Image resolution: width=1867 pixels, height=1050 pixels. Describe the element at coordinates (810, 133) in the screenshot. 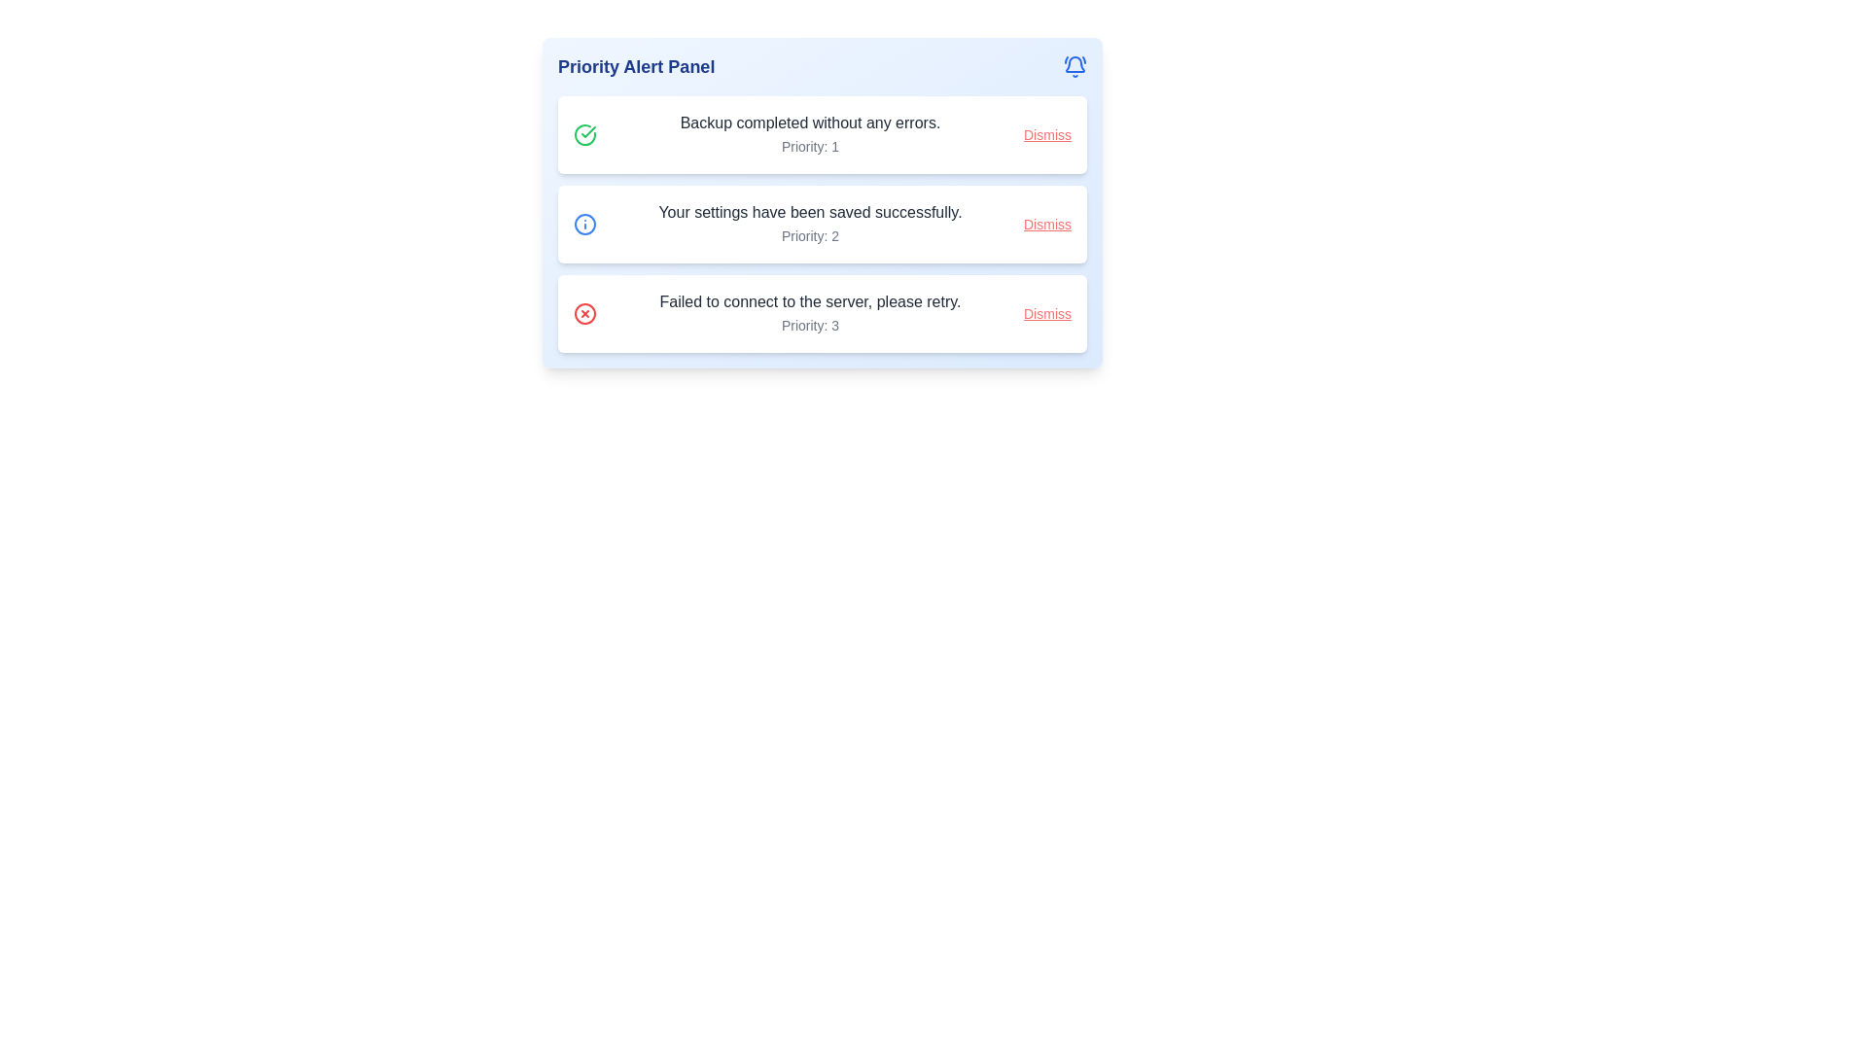

I see `the text block displaying 'Backup completed without any errors.' and 'Priority: 1'` at that location.